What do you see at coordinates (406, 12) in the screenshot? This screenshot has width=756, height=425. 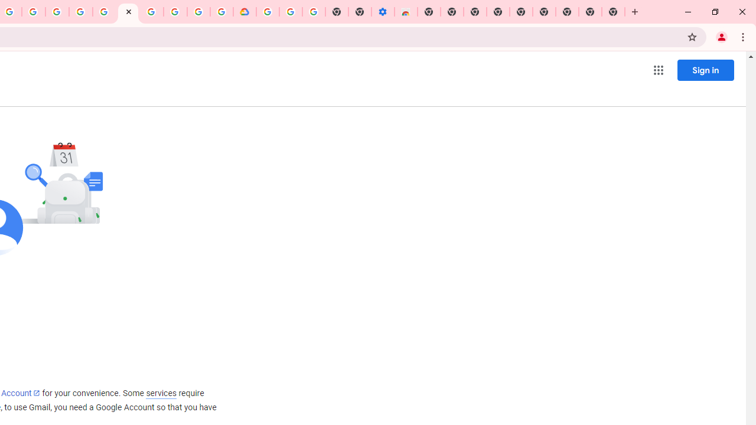 I see `'Chrome Web Store - Accessibility extensions'` at bounding box center [406, 12].